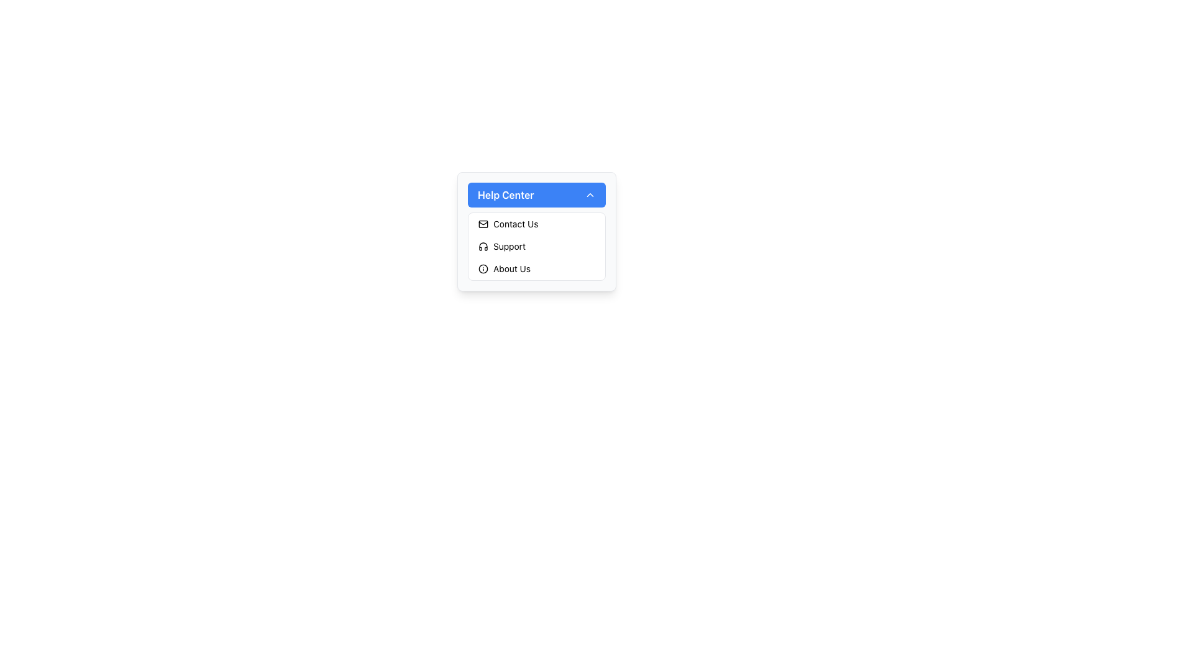 This screenshot has width=1193, height=671. What do you see at coordinates (482, 268) in the screenshot?
I see `the graphical element located to the left of the text 'Contact Us', which is part of an SVG component and serves a decorative or informational purpose` at bounding box center [482, 268].